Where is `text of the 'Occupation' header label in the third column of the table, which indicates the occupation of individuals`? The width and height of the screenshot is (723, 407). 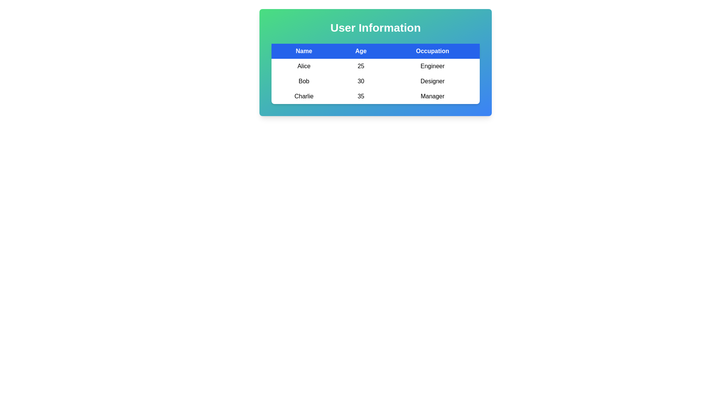 text of the 'Occupation' header label in the third column of the table, which indicates the occupation of individuals is located at coordinates (432, 51).